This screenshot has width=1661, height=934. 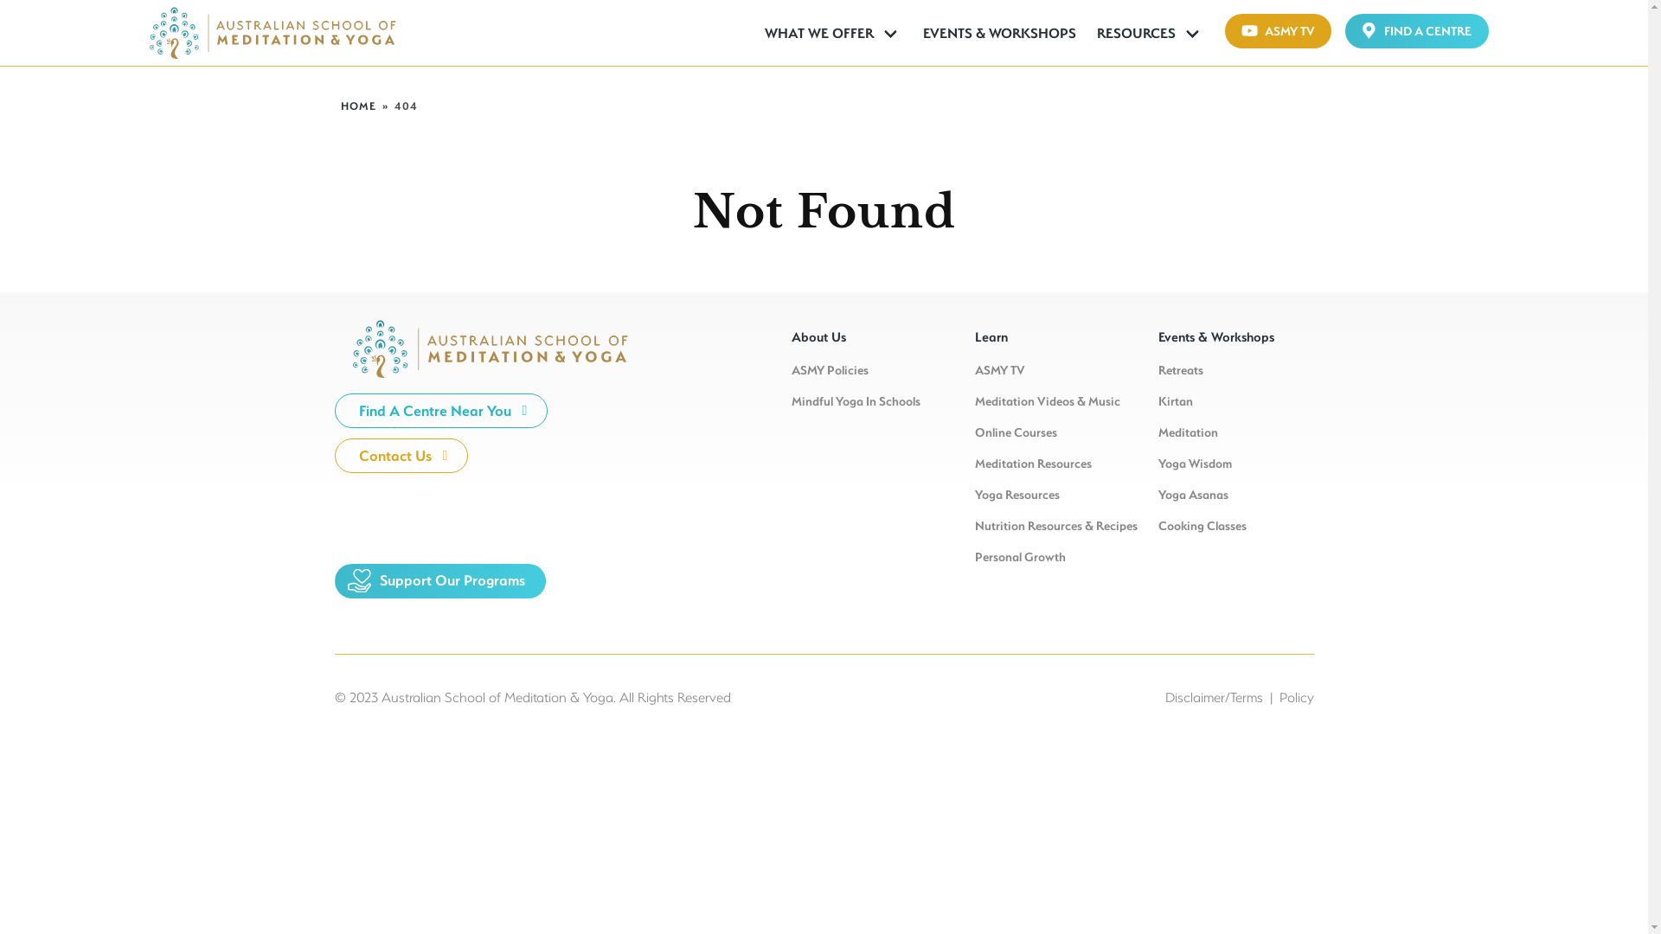 I want to click on 'Meditation Resources', so click(x=1032, y=463).